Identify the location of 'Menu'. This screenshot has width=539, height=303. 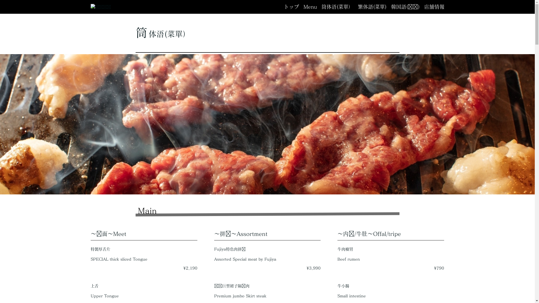
(310, 7).